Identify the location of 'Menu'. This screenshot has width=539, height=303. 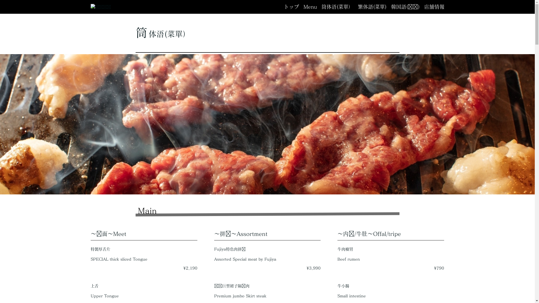
(310, 7).